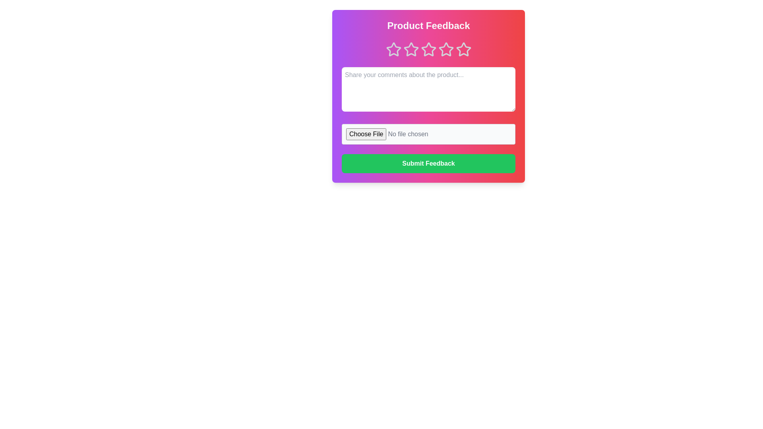  What do you see at coordinates (393, 49) in the screenshot?
I see `the first Rating star icon in the horizontal row located at the top part of the 'Product Feedback' form` at bounding box center [393, 49].